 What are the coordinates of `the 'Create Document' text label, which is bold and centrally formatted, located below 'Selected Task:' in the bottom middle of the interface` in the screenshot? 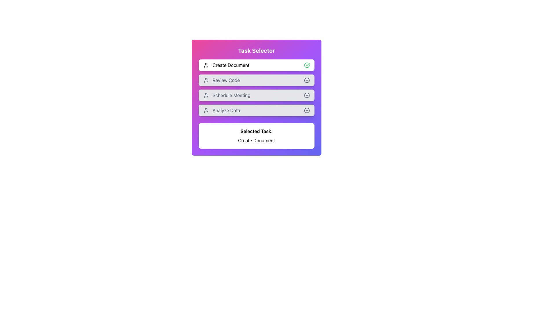 It's located at (256, 141).